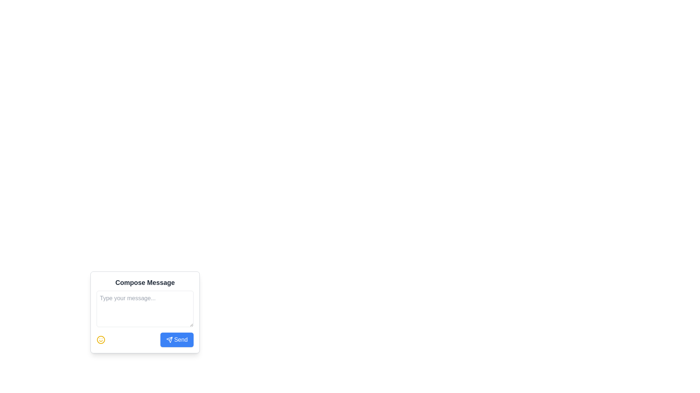 Image resolution: width=700 pixels, height=393 pixels. What do you see at coordinates (169, 340) in the screenshot?
I see `the triangular paper airplane icon located to the left of the 'Send' text within the blue button` at bounding box center [169, 340].